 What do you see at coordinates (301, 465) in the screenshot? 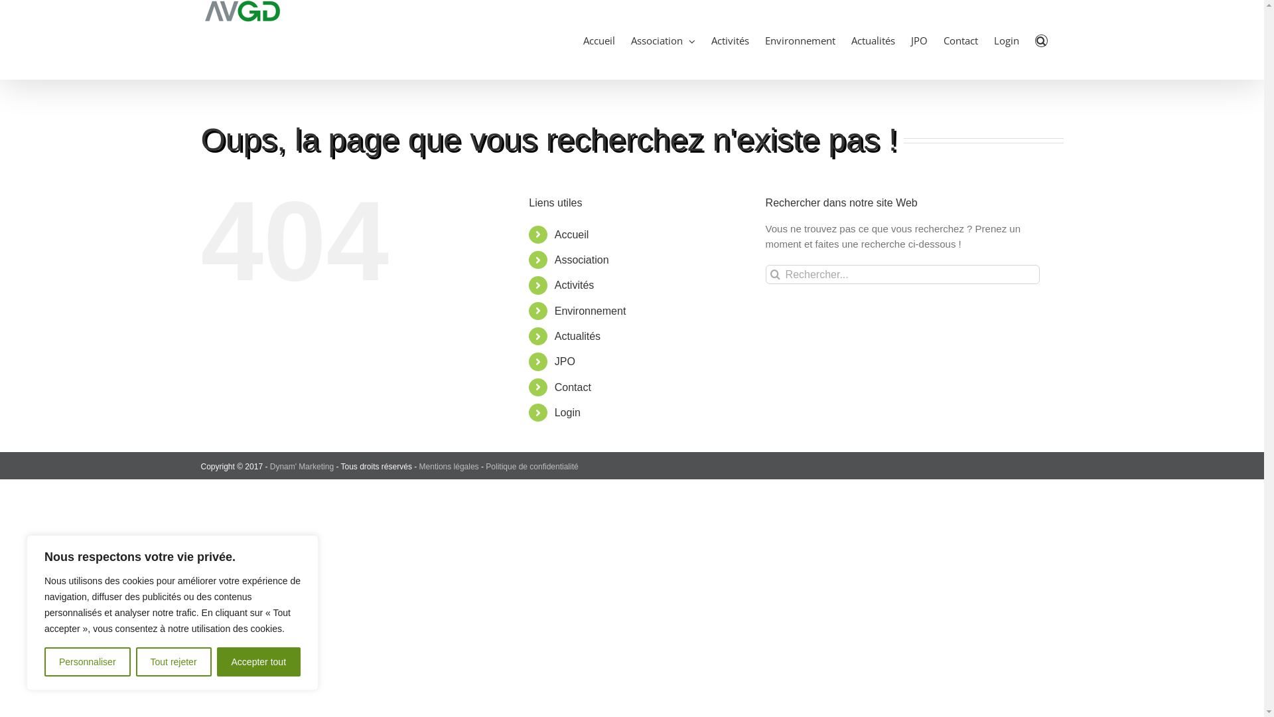
I see `'Dynam' Marketing'` at bounding box center [301, 465].